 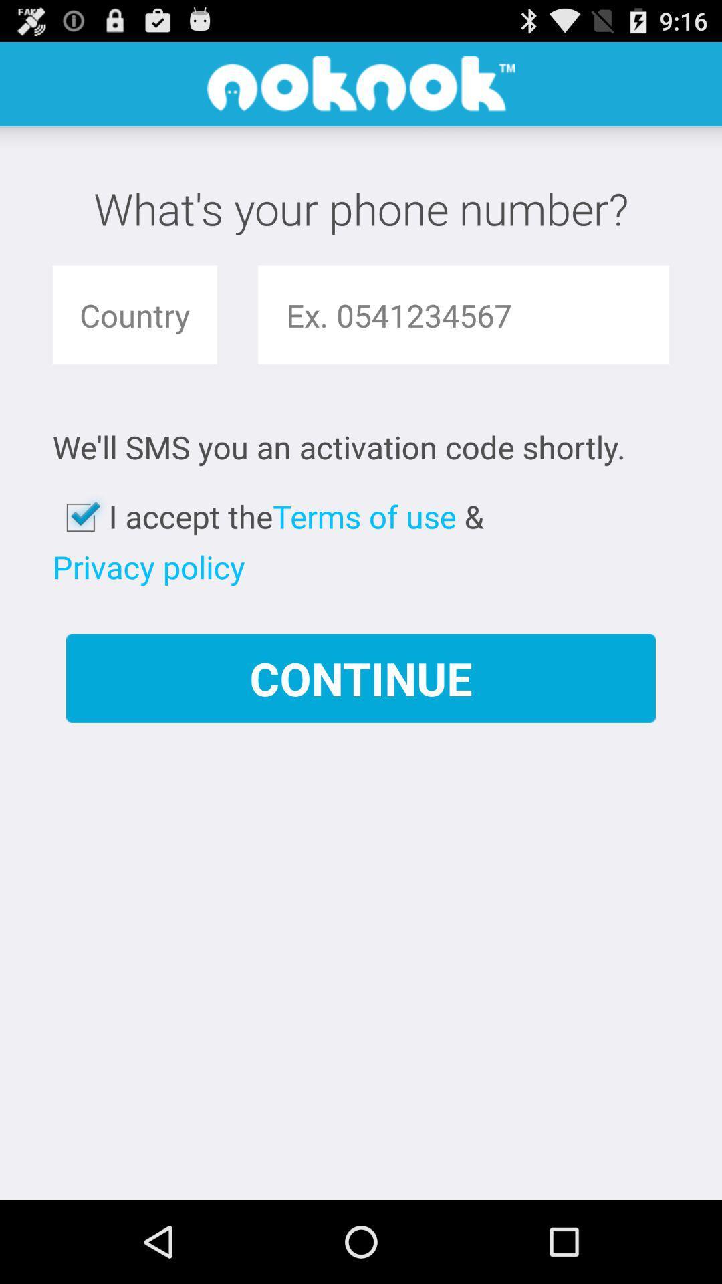 What do you see at coordinates (364, 516) in the screenshot?
I see `the icon to the right of i accept the` at bounding box center [364, 516].